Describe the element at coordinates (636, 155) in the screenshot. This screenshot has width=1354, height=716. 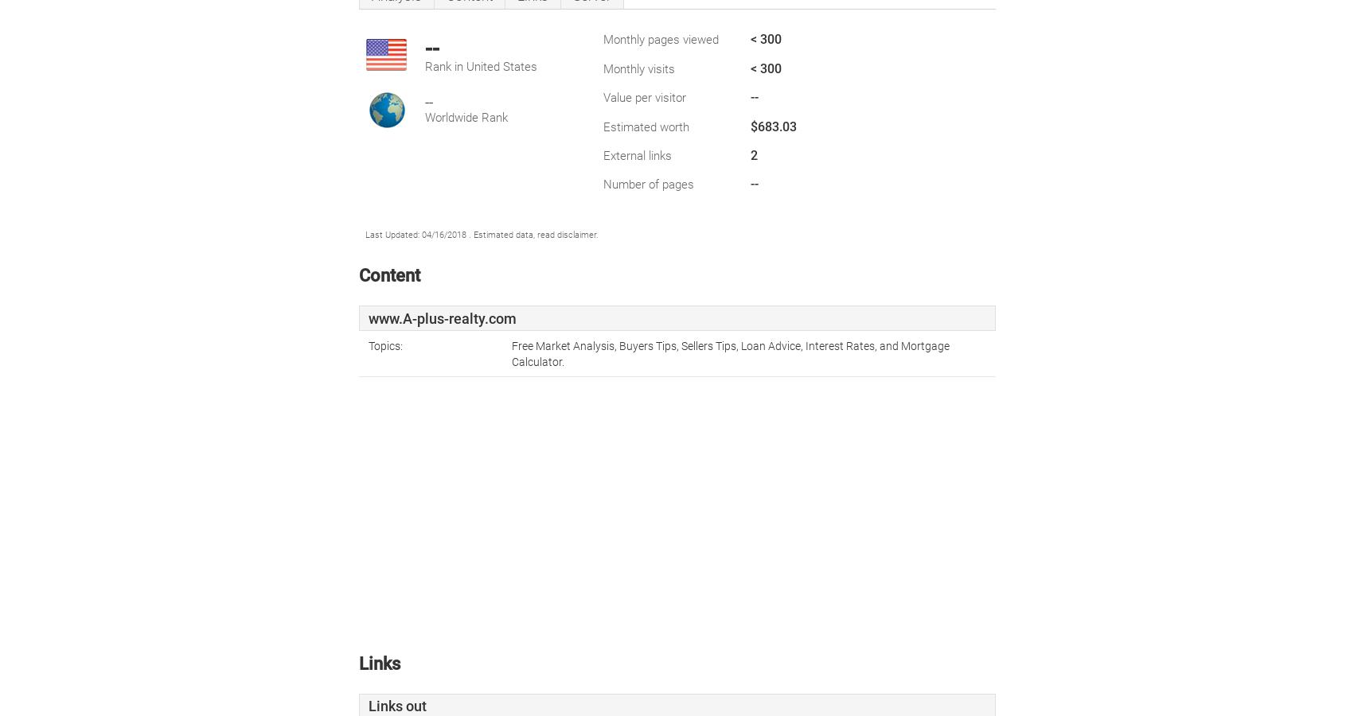
I see `'External links'` at that location.